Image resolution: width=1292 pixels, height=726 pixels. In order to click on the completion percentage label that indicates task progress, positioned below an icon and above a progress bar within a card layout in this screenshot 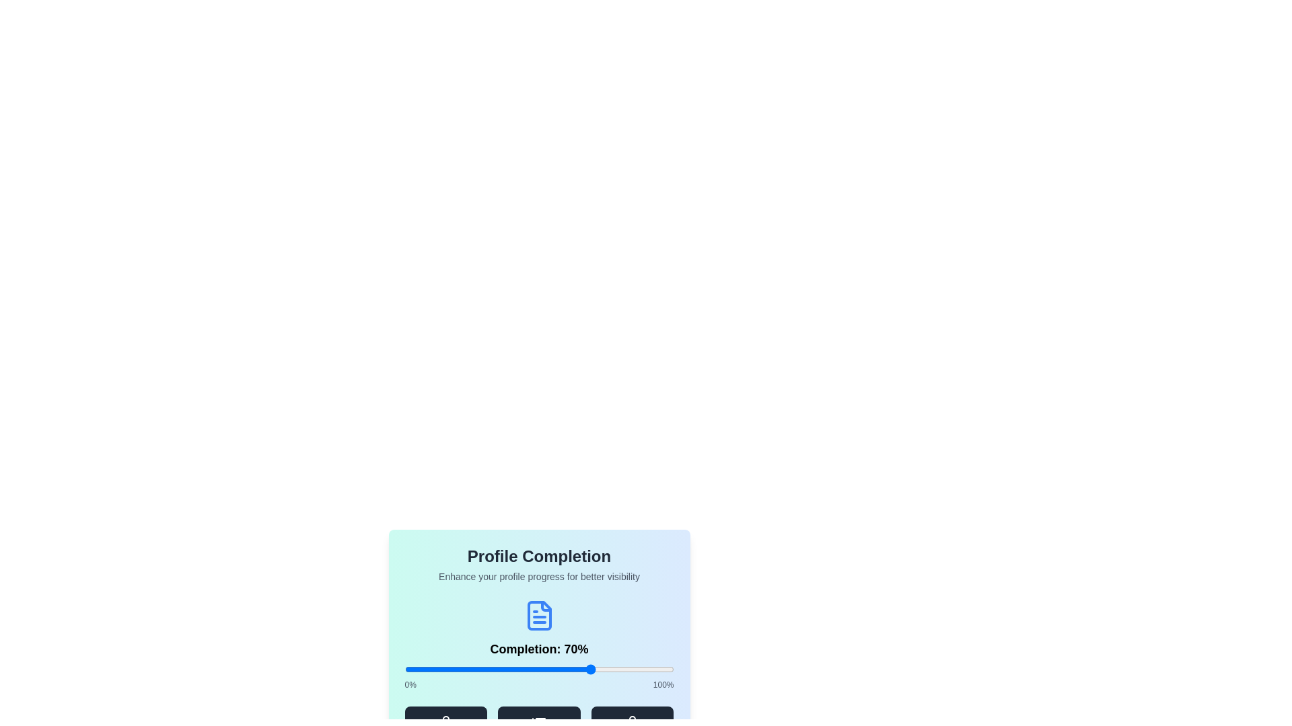, I will do `click(539, 644)`.